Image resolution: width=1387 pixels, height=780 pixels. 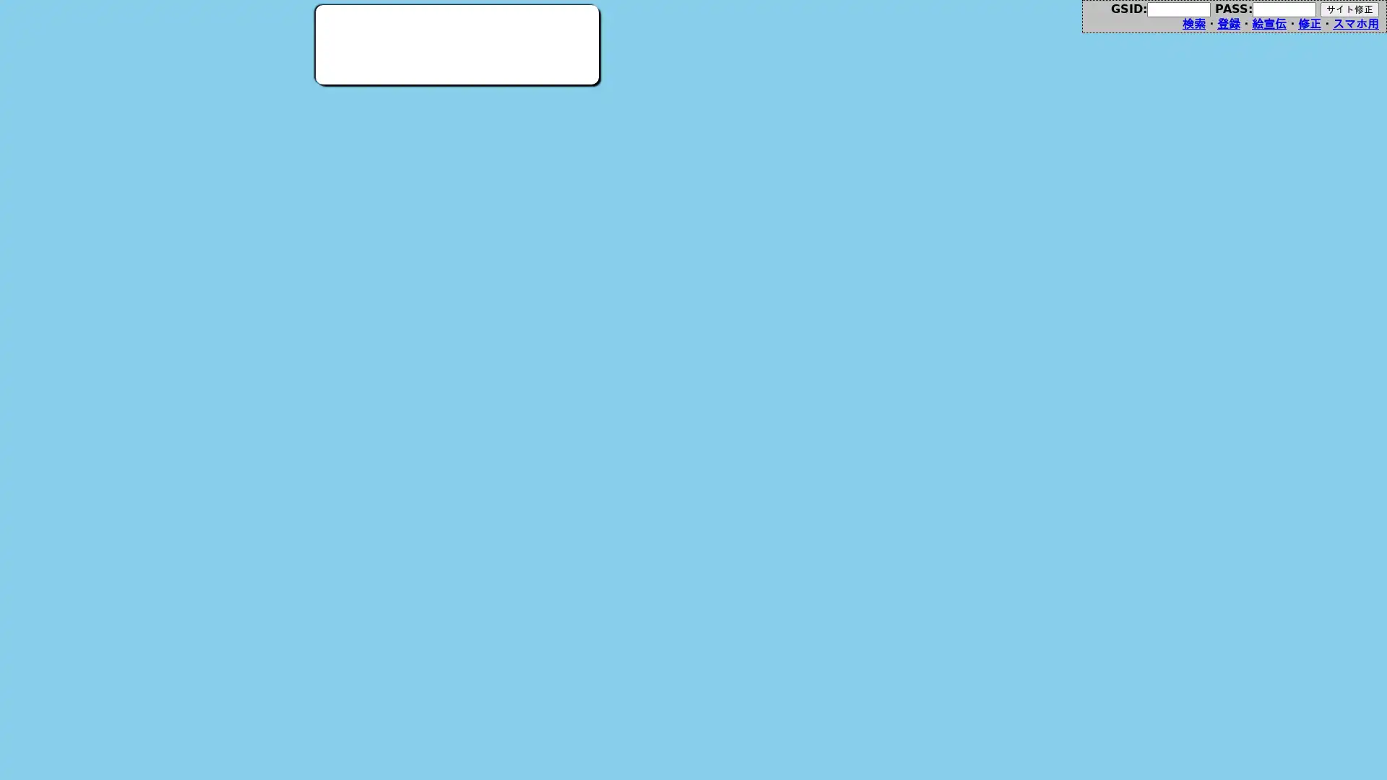 I want to click on Fantia, so click(x=568, y=169).